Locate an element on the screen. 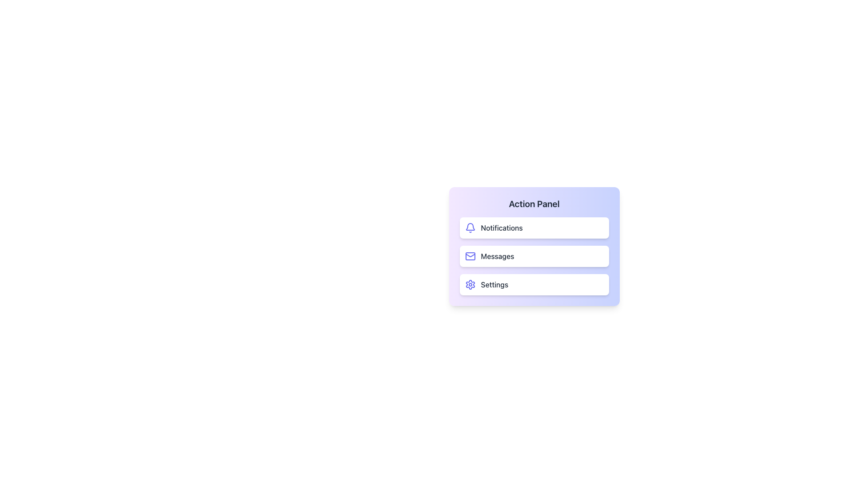 This screenshot has height=479, width=853. the 'Messages' icon located in the action panel, which visually represents the concept of messages or mail, aligned to the left of the 'Messages' text is located at coordinates (470, 256).